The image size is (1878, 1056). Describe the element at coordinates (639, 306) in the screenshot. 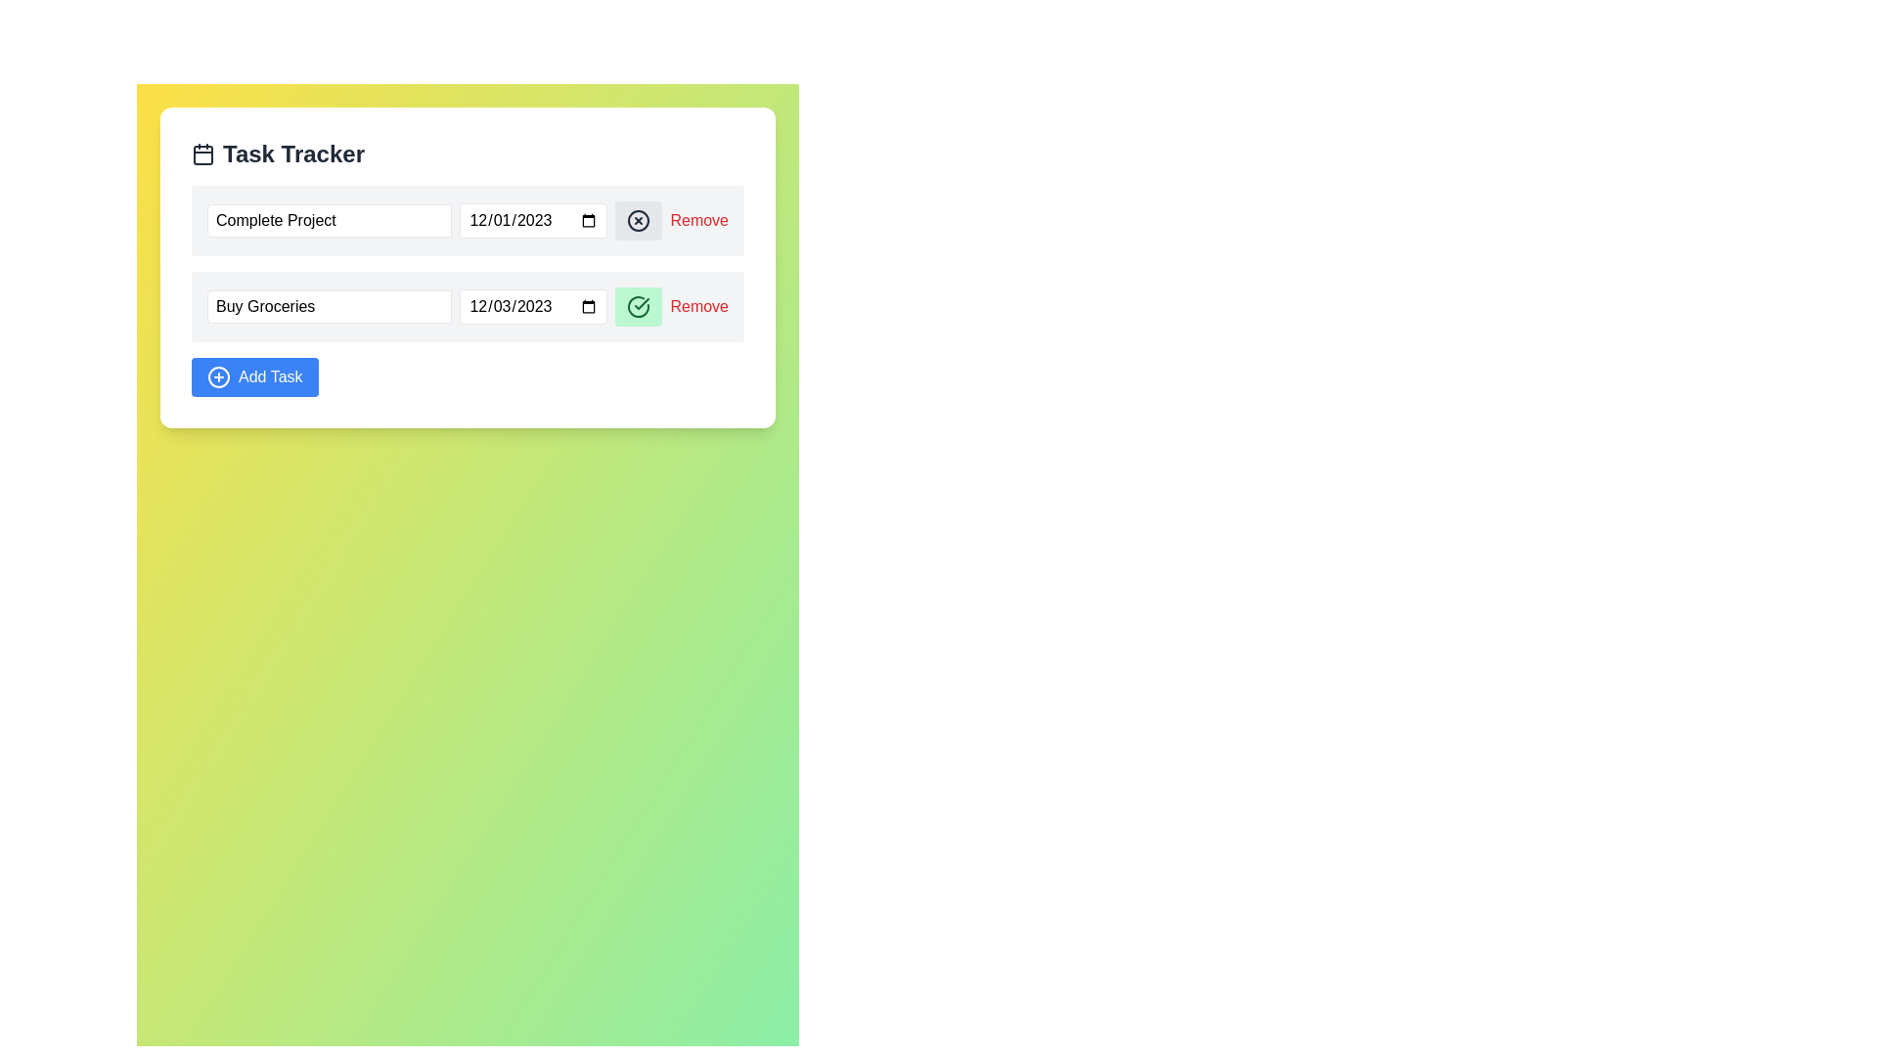

I see `the graphic icon that indicates the associated task is marked as completed, located in the second task row, to the right of the date and calendar icon and adjacent to the 'Remove' button` at that location.